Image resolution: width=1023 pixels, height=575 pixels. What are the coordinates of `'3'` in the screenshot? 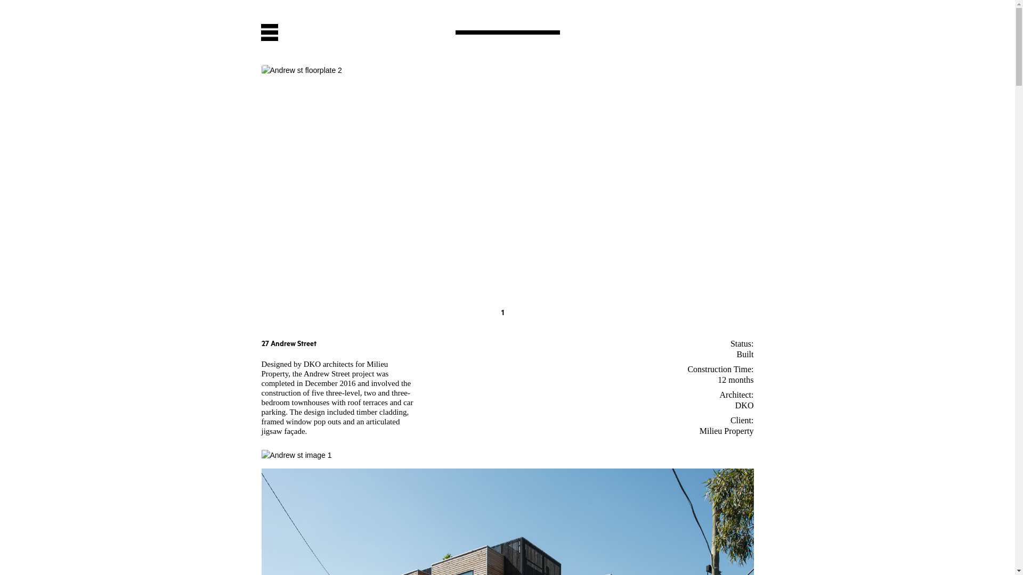 It's located at (519, 313).